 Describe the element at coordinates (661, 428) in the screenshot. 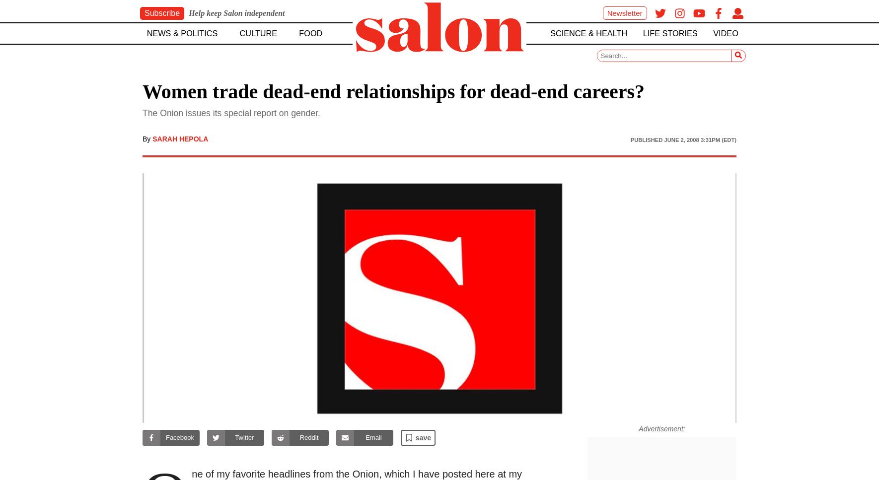

I see `'Advertisement:'` at that location.